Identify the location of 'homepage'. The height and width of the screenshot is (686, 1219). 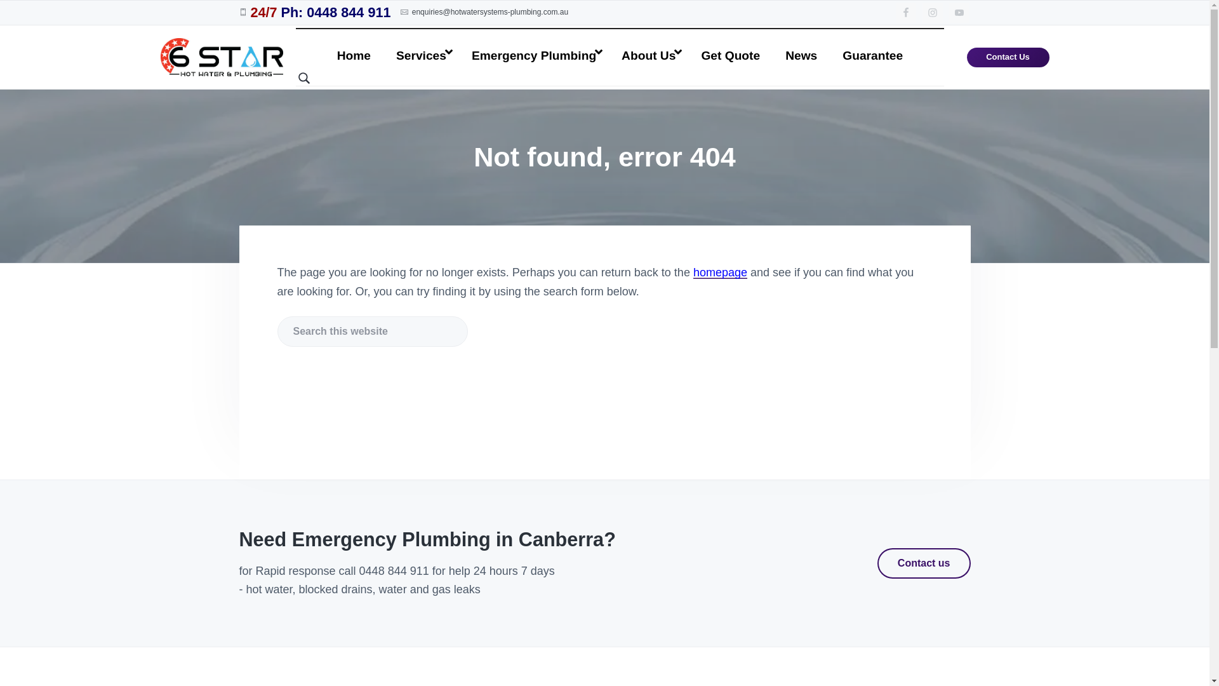
(720, 271).